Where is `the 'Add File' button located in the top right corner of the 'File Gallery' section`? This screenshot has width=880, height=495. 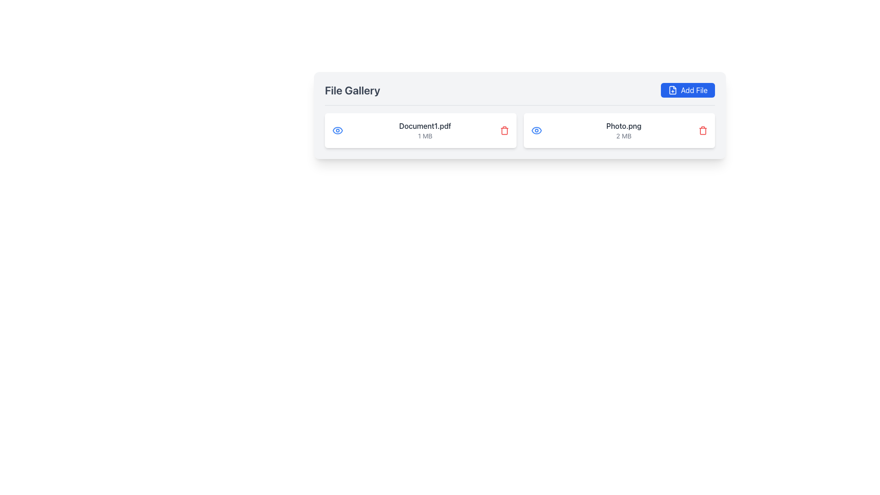 the 'Add File' button located in the top right corner of the 'File Gallery' section is located at coordinates (687, 90).